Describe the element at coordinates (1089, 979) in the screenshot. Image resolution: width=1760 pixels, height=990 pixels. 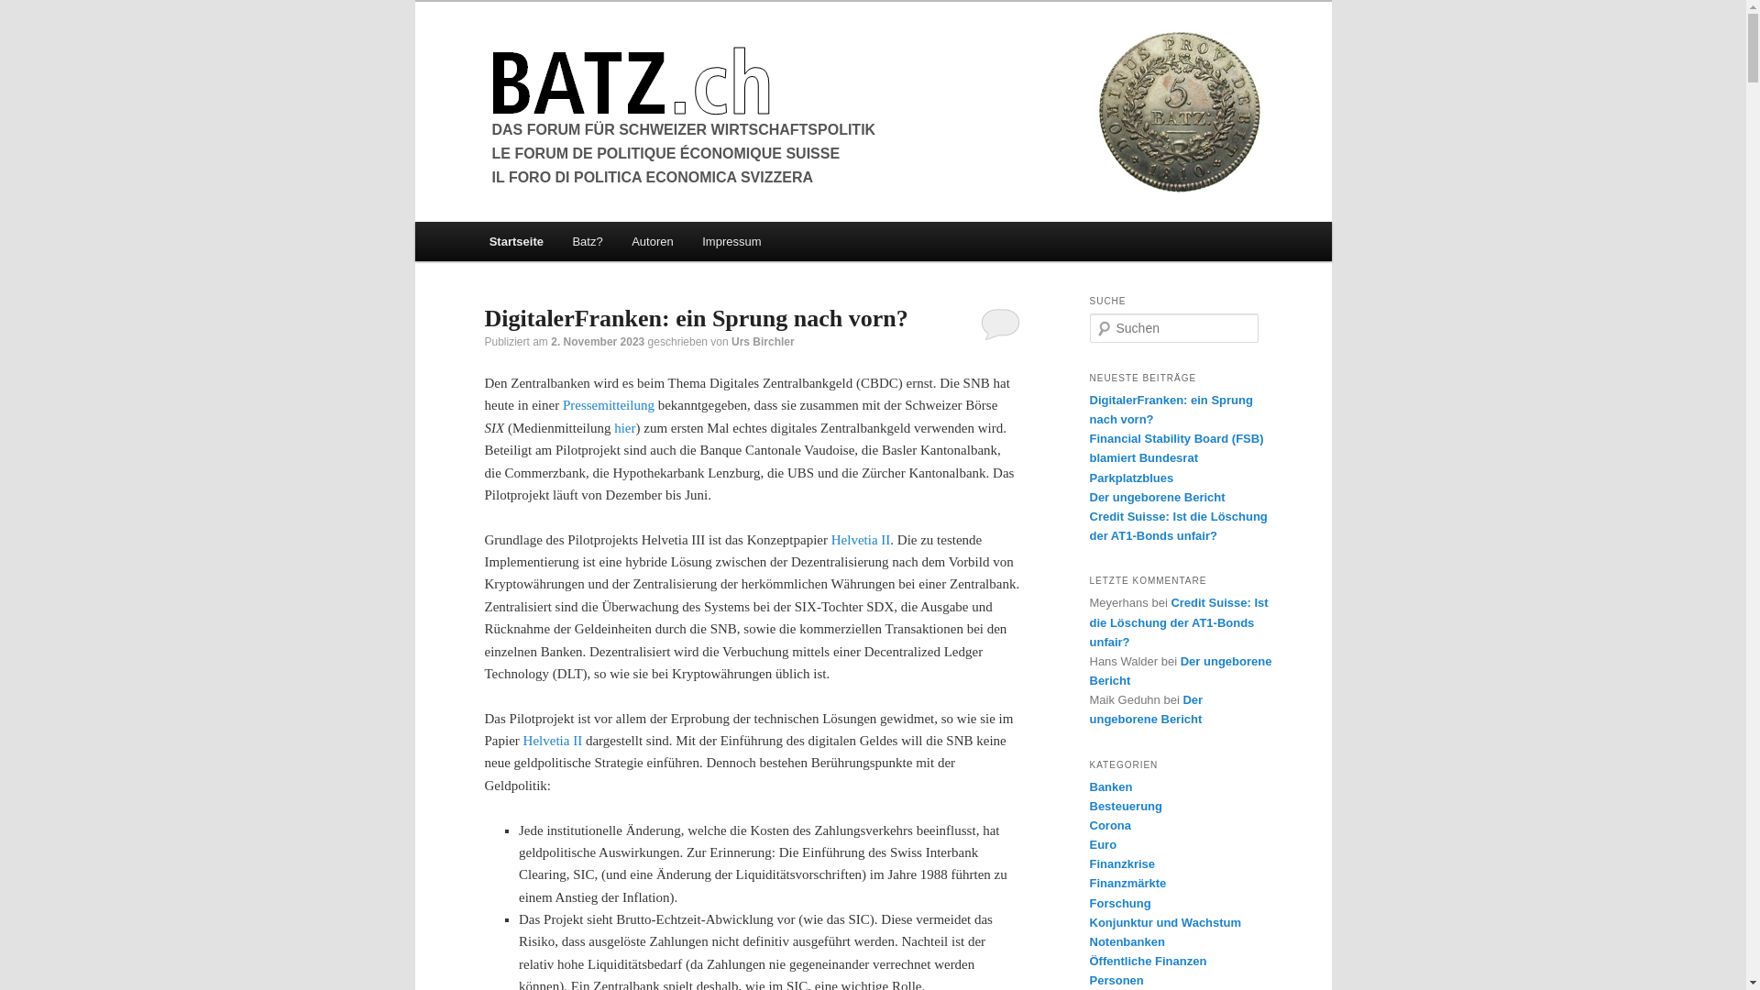
I see `'Personen'` at that location.